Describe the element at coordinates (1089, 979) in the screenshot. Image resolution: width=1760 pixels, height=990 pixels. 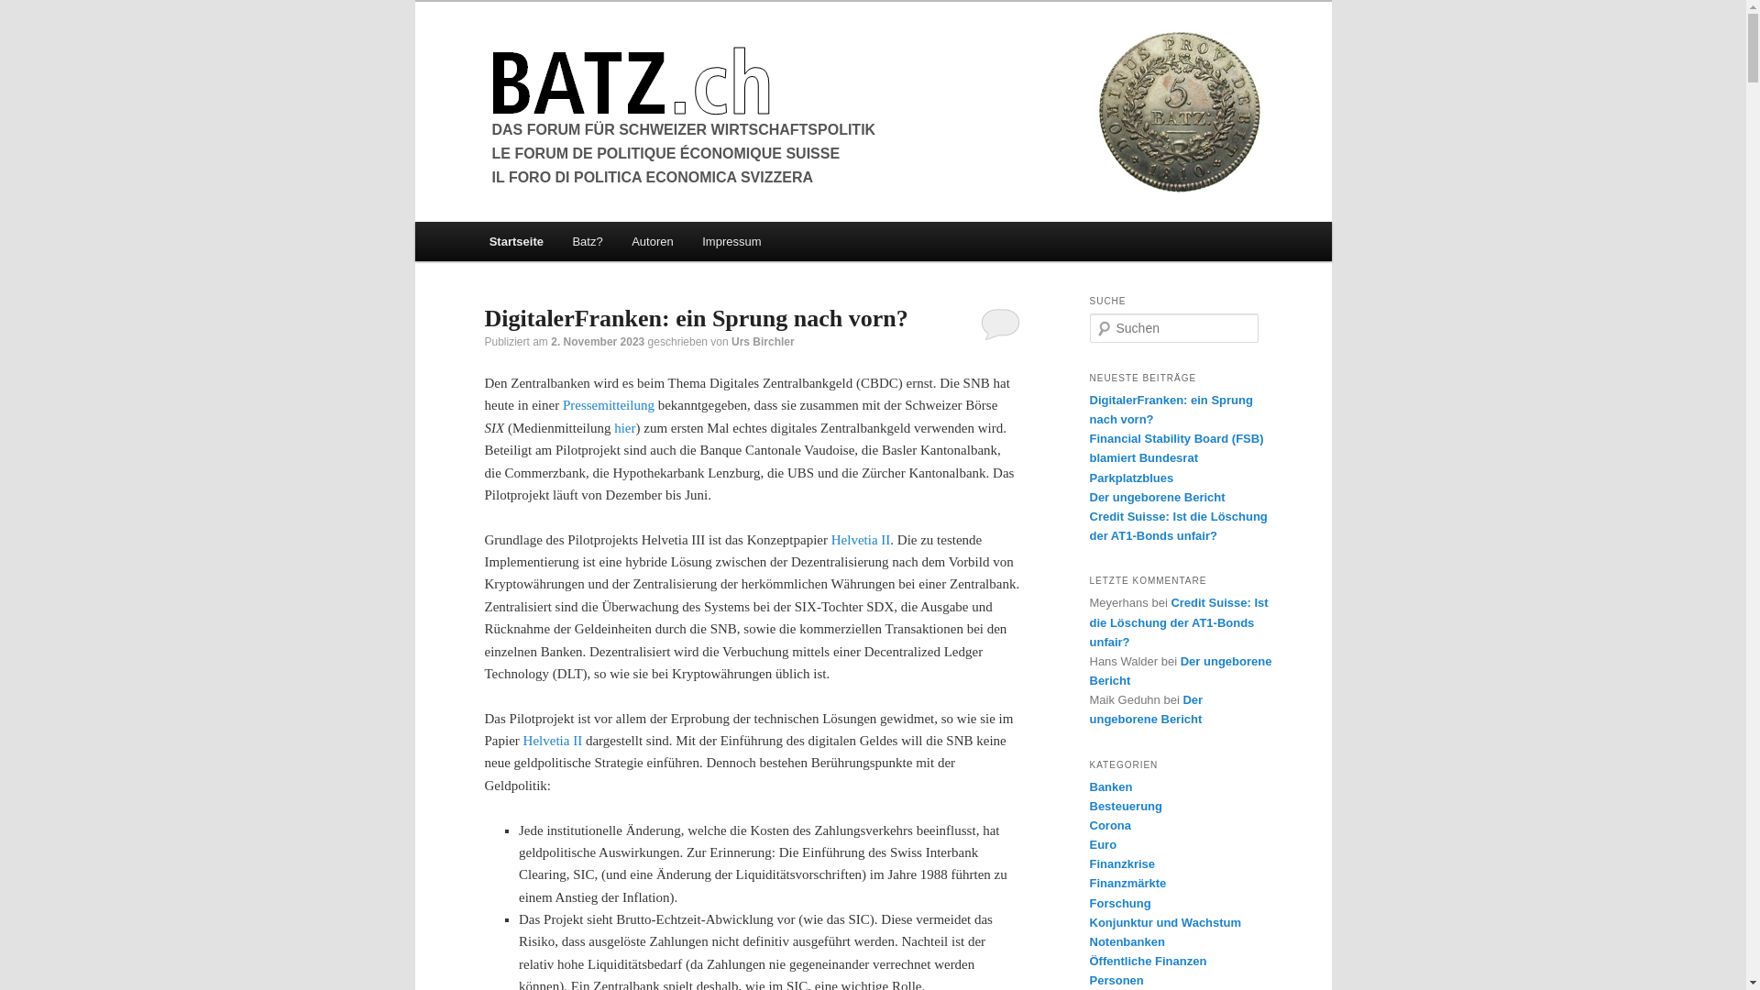
I see `'Personen'` at that location.